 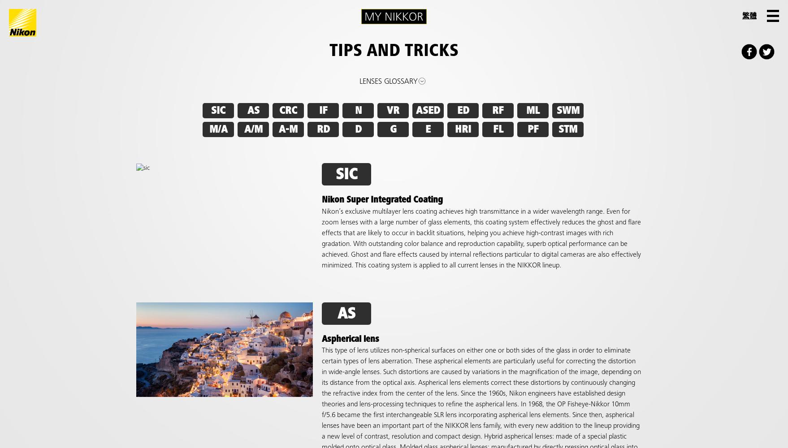 I want to click on 'A-M', so click(x=278, y=129).